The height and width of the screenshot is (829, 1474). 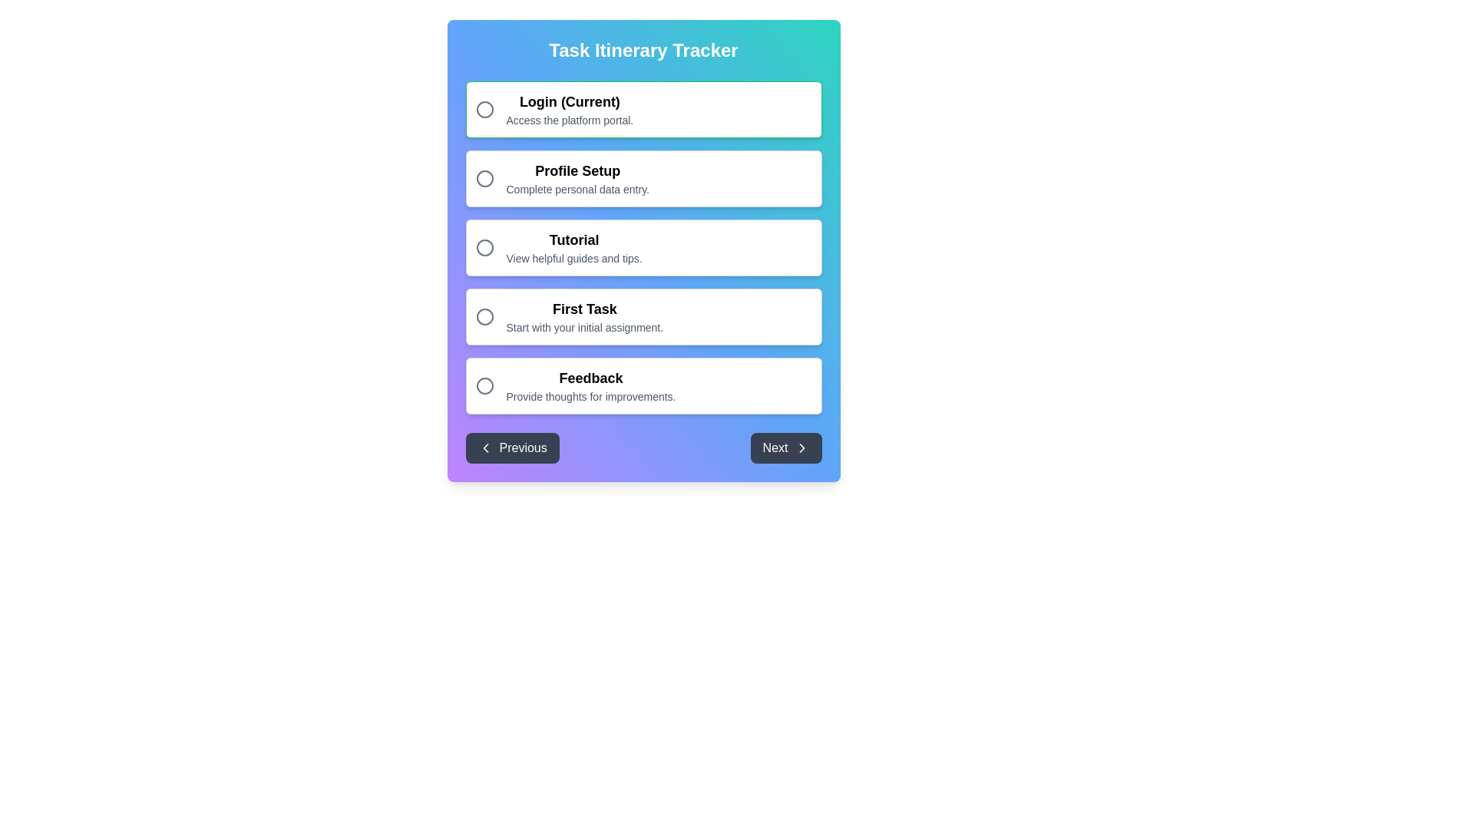 What do you see at coordinates (569, 120) in the screenshot?
I see `text label that says 'Access the platform portal.' positioned below the 'Login (Current)' text in the vertical list of options` at bounding box center [569, 120].